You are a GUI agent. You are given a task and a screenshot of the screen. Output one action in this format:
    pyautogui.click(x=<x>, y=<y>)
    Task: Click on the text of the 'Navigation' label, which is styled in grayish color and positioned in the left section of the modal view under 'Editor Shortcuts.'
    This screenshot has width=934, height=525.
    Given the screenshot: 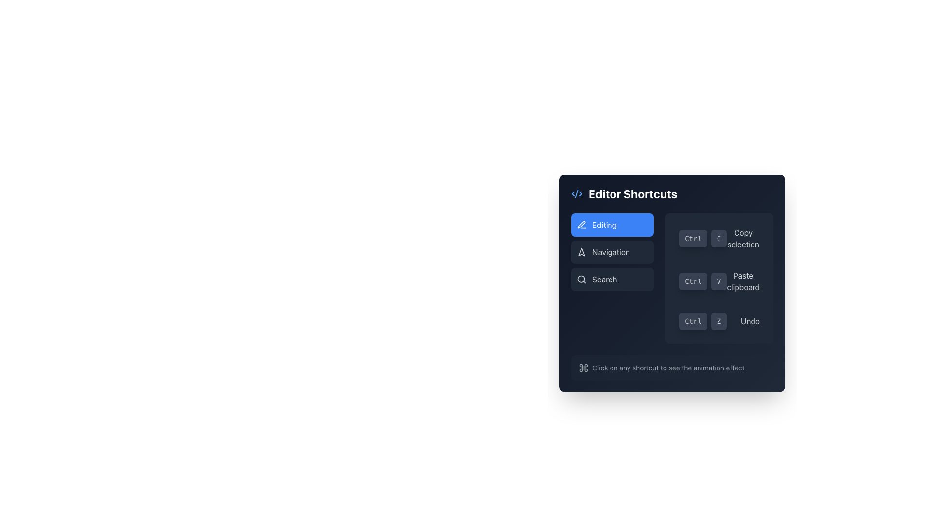 What is the action you would take?
    pyautogui.click(x=611, y=252)
    